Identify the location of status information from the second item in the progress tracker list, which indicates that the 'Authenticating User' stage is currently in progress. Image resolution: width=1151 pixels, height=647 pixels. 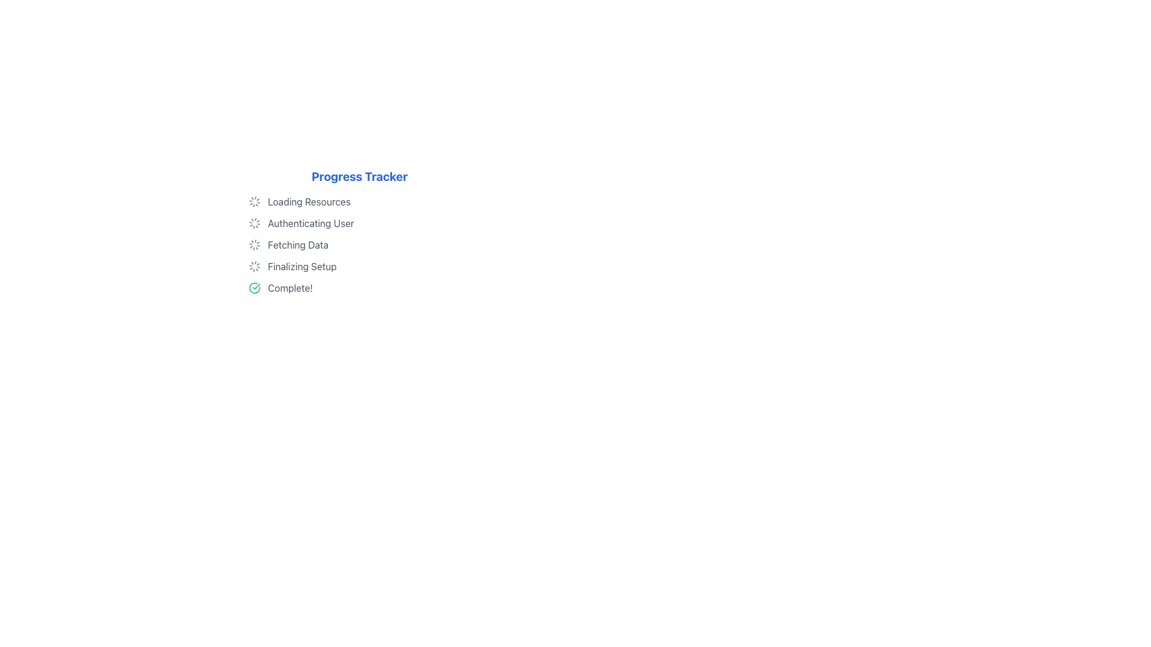
(359, 231).